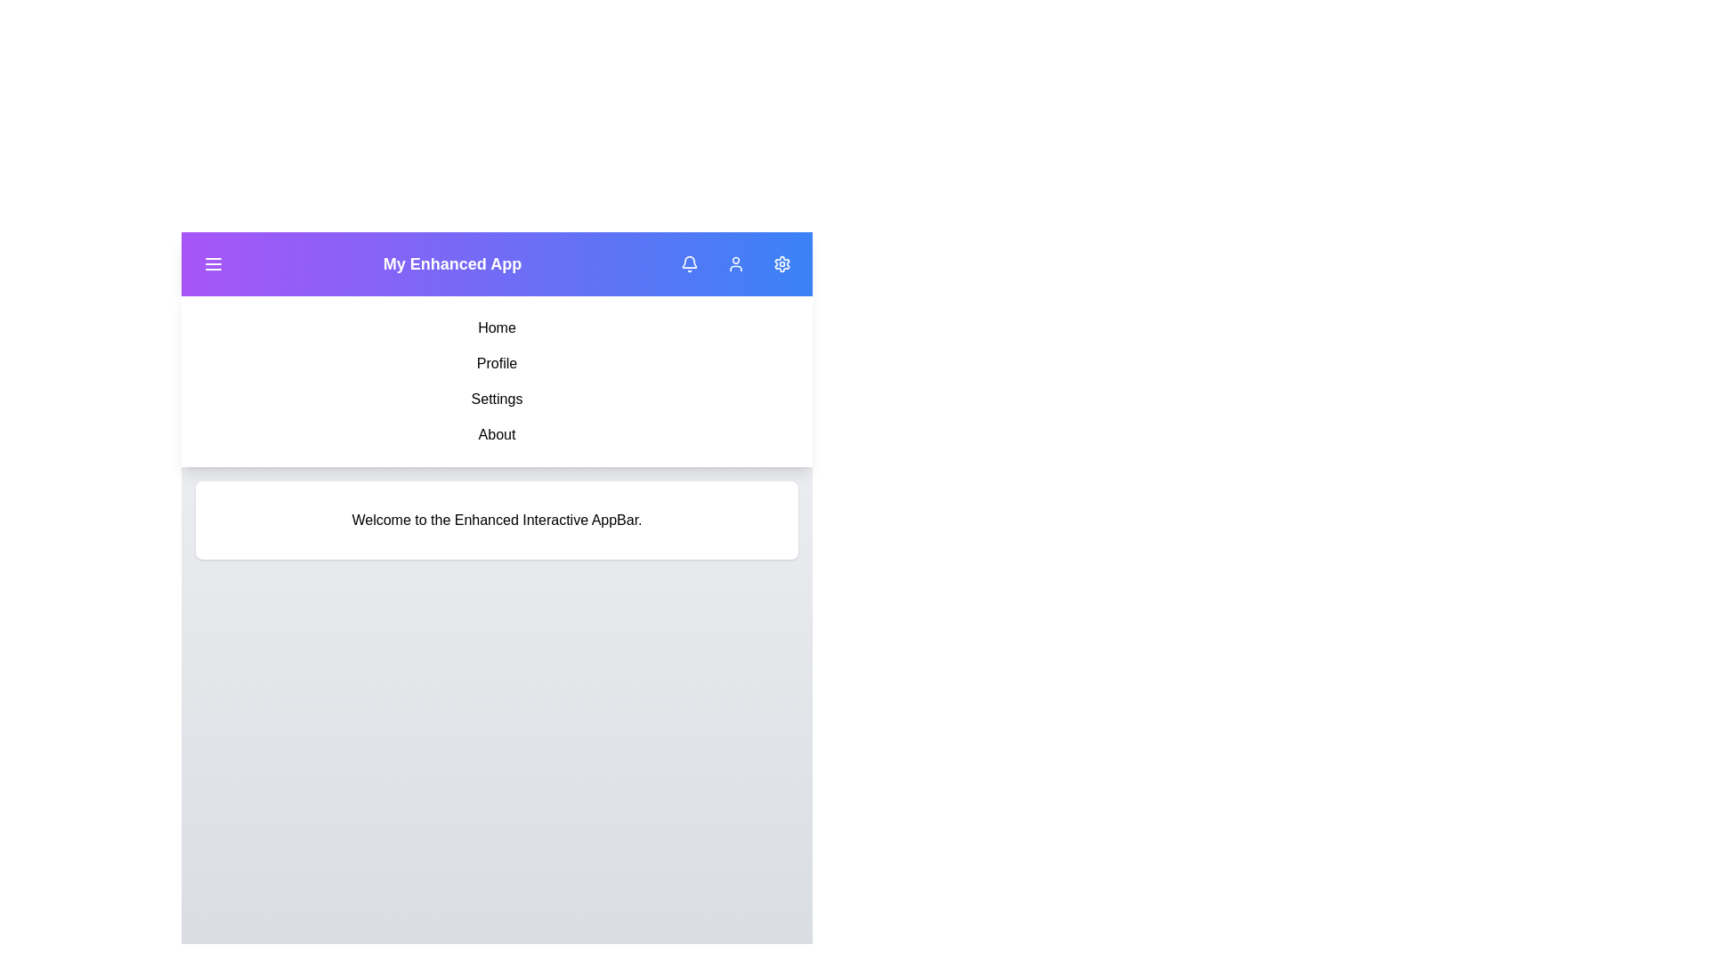 This screenshot has width=1709, height=961. Describe the element at coordinates (497, 328) in the screenshot. I see `the menu item Home to navigate to the corresponding section` at that location.